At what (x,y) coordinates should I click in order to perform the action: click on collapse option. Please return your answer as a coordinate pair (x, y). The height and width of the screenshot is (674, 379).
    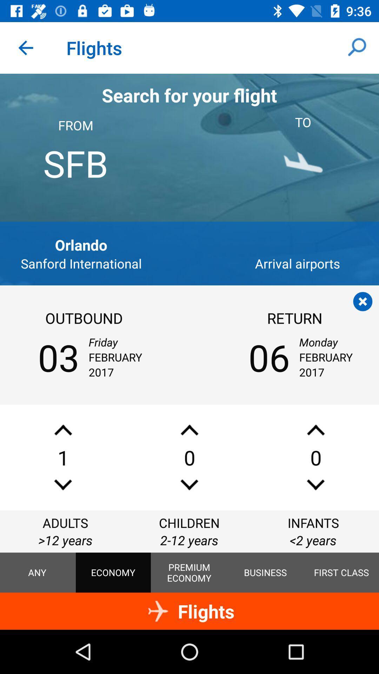
    Looking at the image, I should click on (363, 302).